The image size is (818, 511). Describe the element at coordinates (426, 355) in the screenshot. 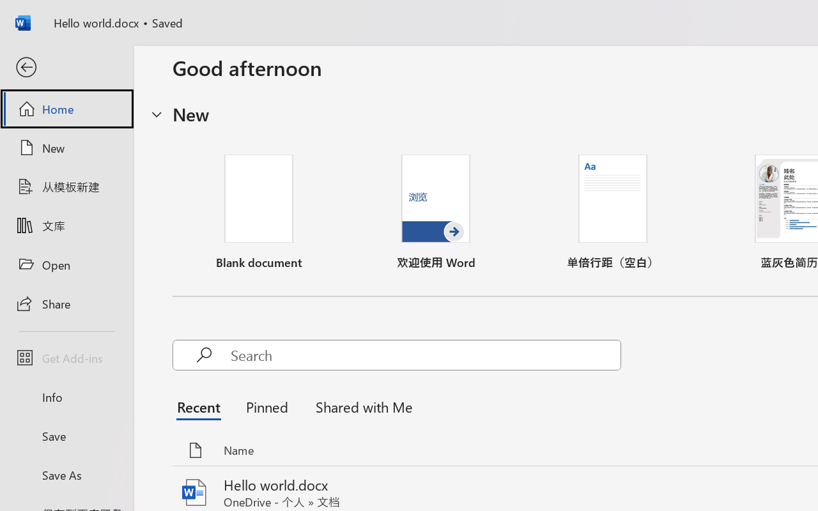

I see `'Search'` at that location.